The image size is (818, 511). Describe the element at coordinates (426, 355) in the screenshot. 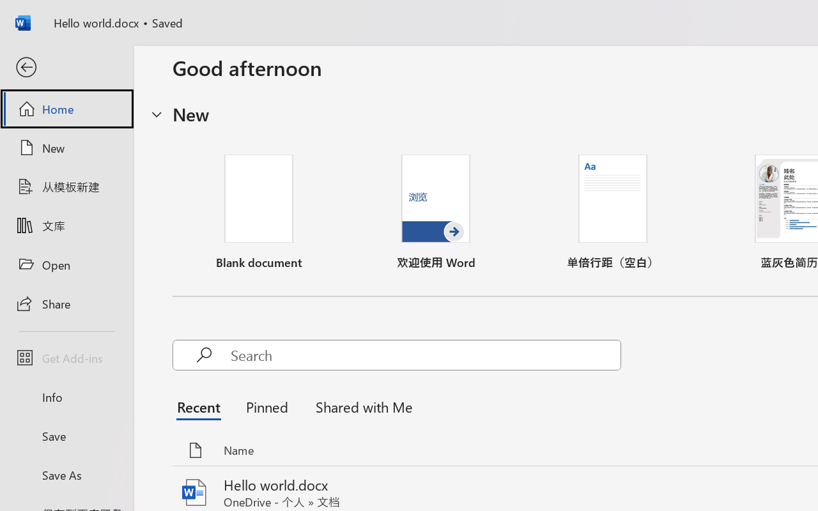

I see `'Search'` at that location.